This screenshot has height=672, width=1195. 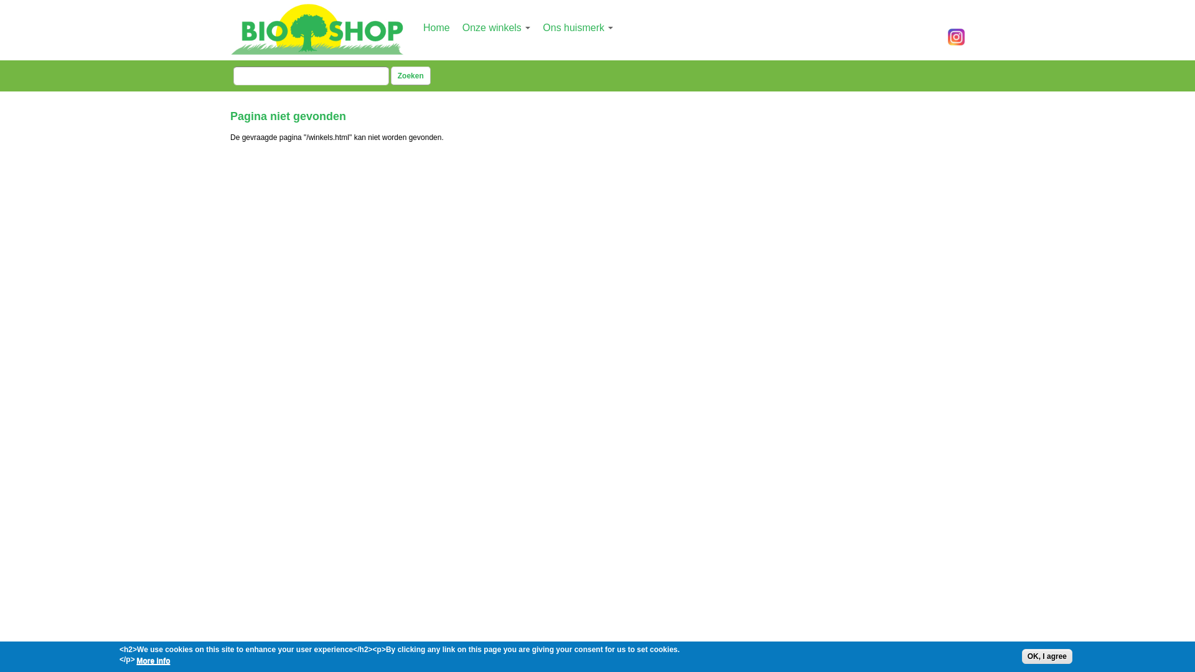 I want to click on 'More info', so click(x=152, y=660).